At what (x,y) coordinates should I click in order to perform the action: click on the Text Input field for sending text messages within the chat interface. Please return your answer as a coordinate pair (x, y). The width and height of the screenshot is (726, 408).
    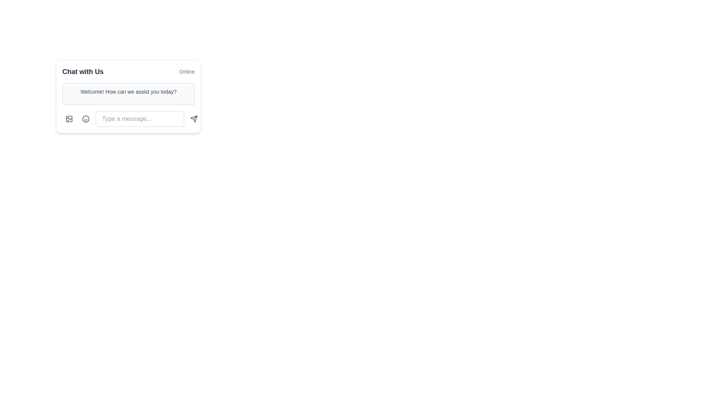
    Looking at the image, I should click on (140, 119).